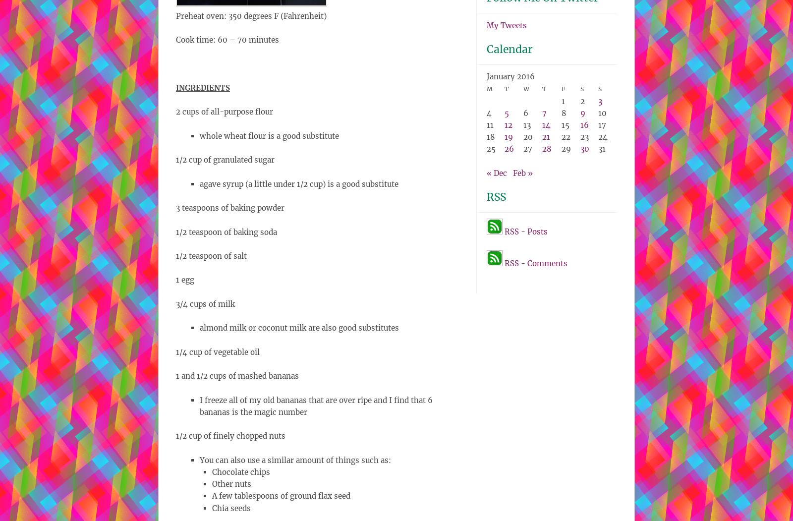 The width and height of the screenshot is (793, 521). Describe the element at coordinates (523, 112) in the screenshot. I see `'6'` at that location.